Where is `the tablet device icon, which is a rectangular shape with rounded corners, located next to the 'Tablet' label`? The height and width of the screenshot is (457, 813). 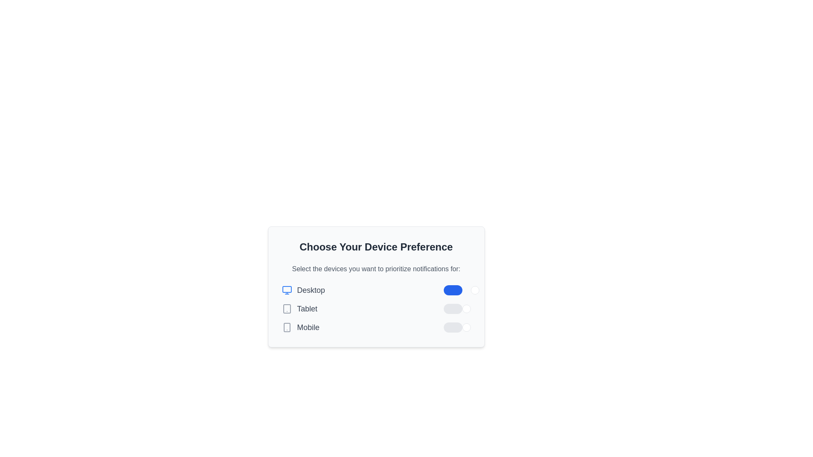 the tablet device icon, which is a rectangular shape with rounded corners, located next to the 'Tablet' label is located at coordinates (287, 308).